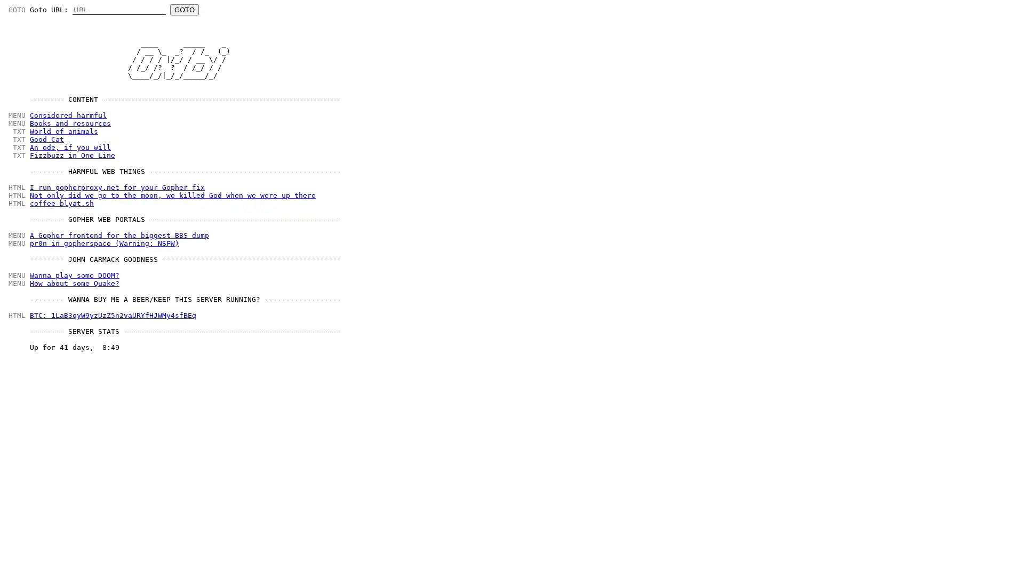  Describe the element at coordinates (184, 10) in the screenshot. I see `GOTO` at that location.